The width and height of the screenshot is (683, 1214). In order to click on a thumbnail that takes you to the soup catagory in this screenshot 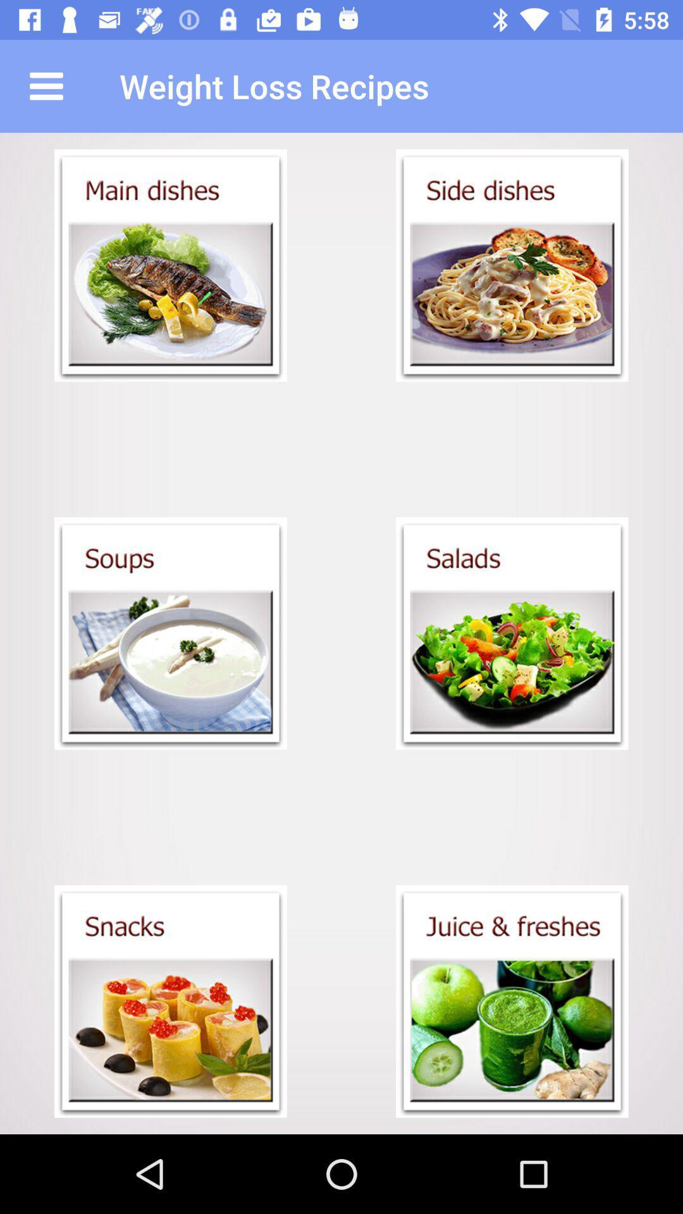, I will do `click(171, 634)`.